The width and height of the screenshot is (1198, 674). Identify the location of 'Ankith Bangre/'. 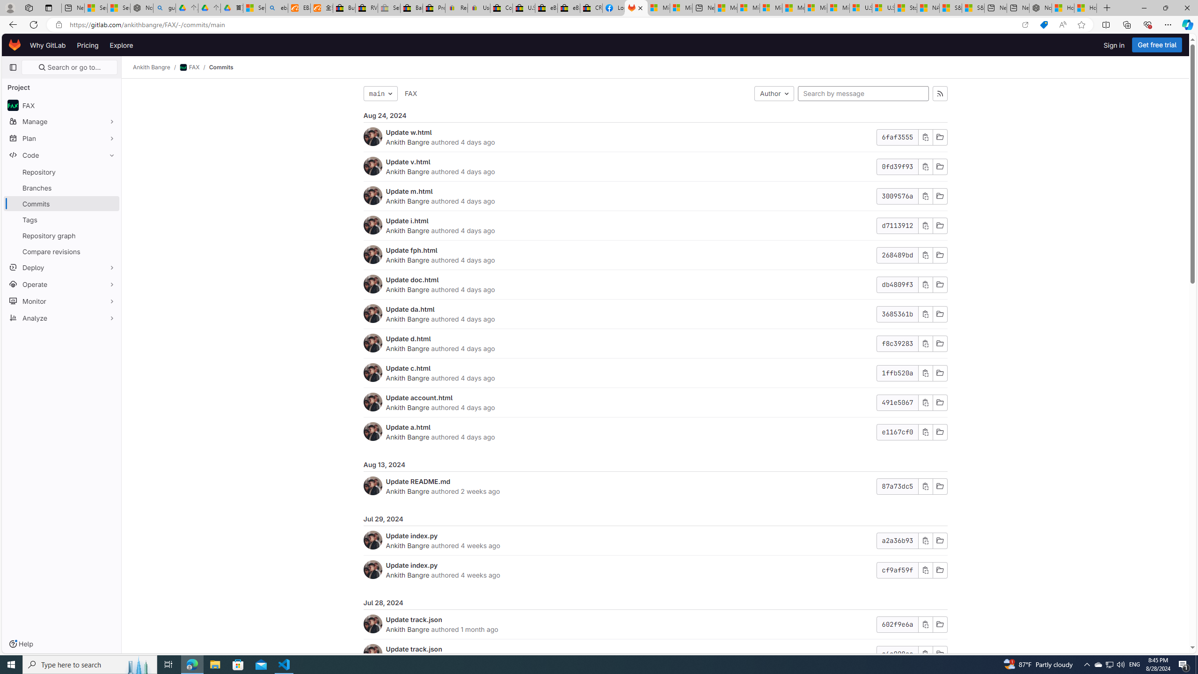
(156, 67).